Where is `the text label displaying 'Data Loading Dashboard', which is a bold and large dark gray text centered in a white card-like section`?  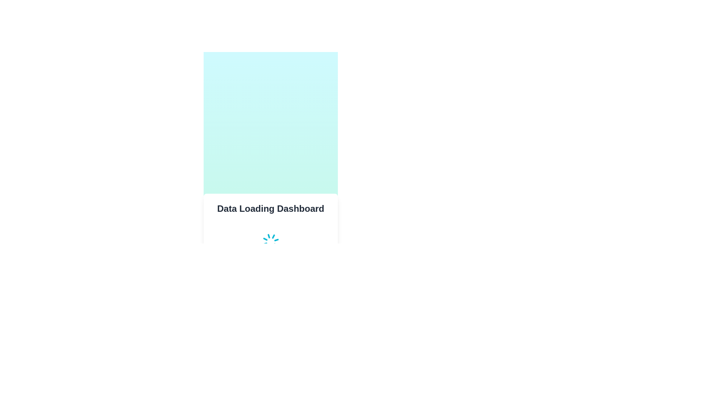 the text label displaying 'Data Loading Dashboard', which is a bold and large dark gray text centered in a white card-like section is located at coordinates (271, 209).